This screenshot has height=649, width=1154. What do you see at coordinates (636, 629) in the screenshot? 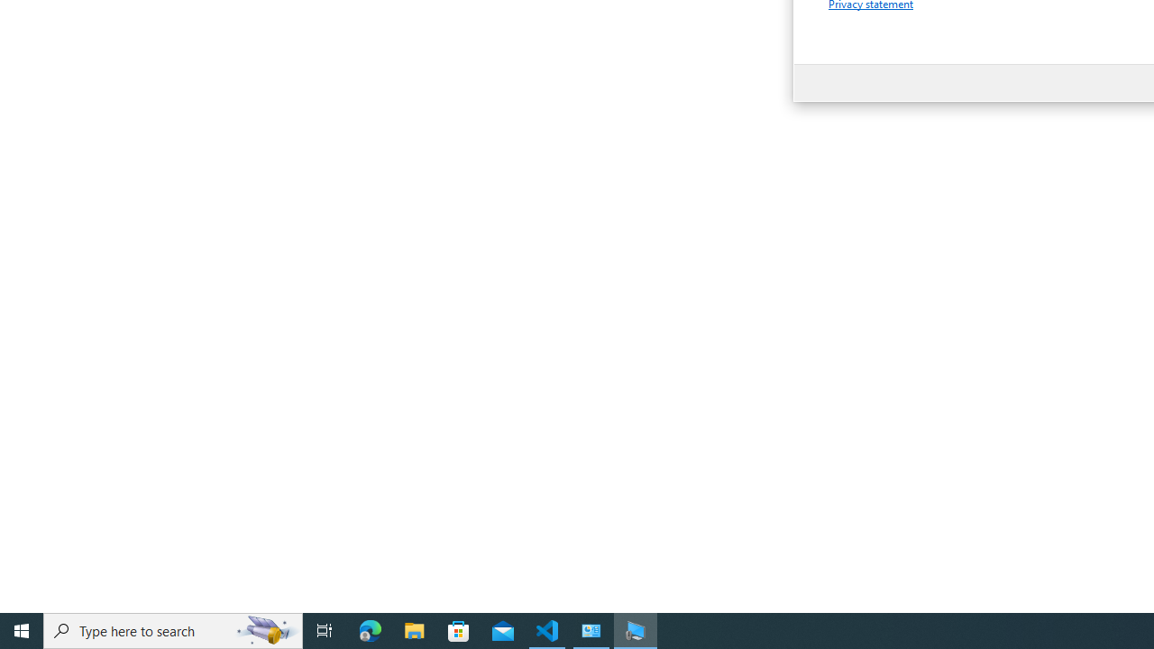
I see `'Windows Remote Assistance - 1 running window'` at bounding box center [636, 629].